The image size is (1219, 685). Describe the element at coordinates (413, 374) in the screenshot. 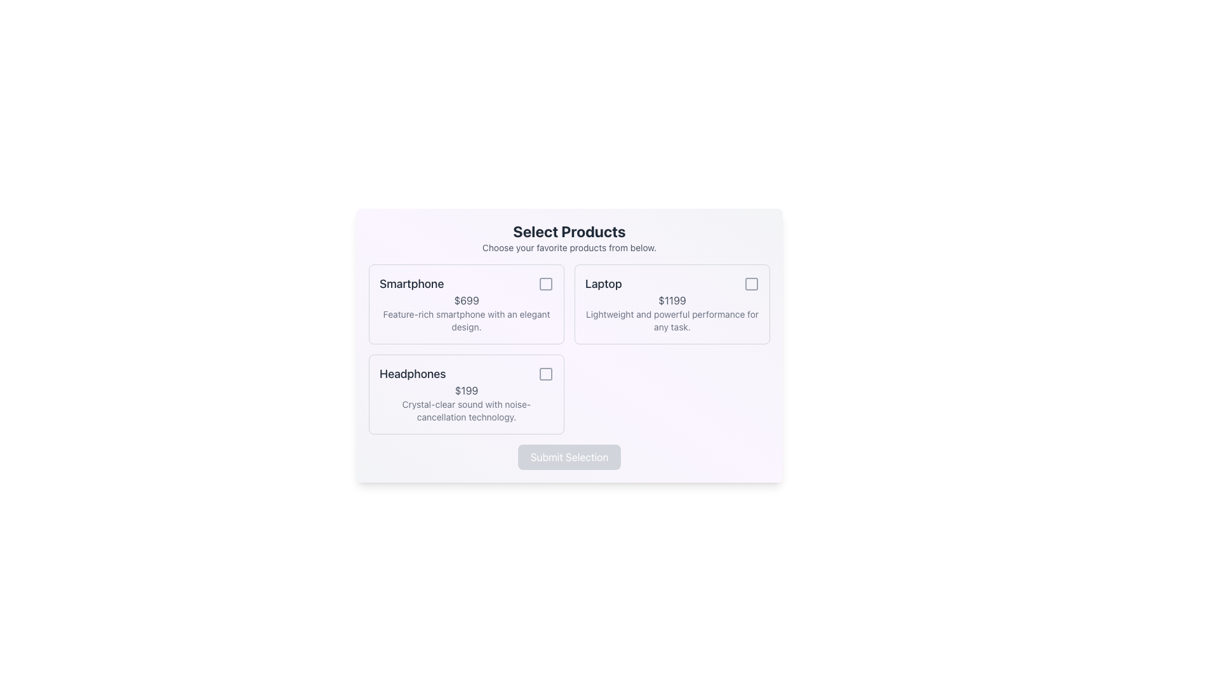

I see `the text label displaying 'Headphones' which is located in the lower-left section of the product selection interface, above the price of '$199'` at that location.